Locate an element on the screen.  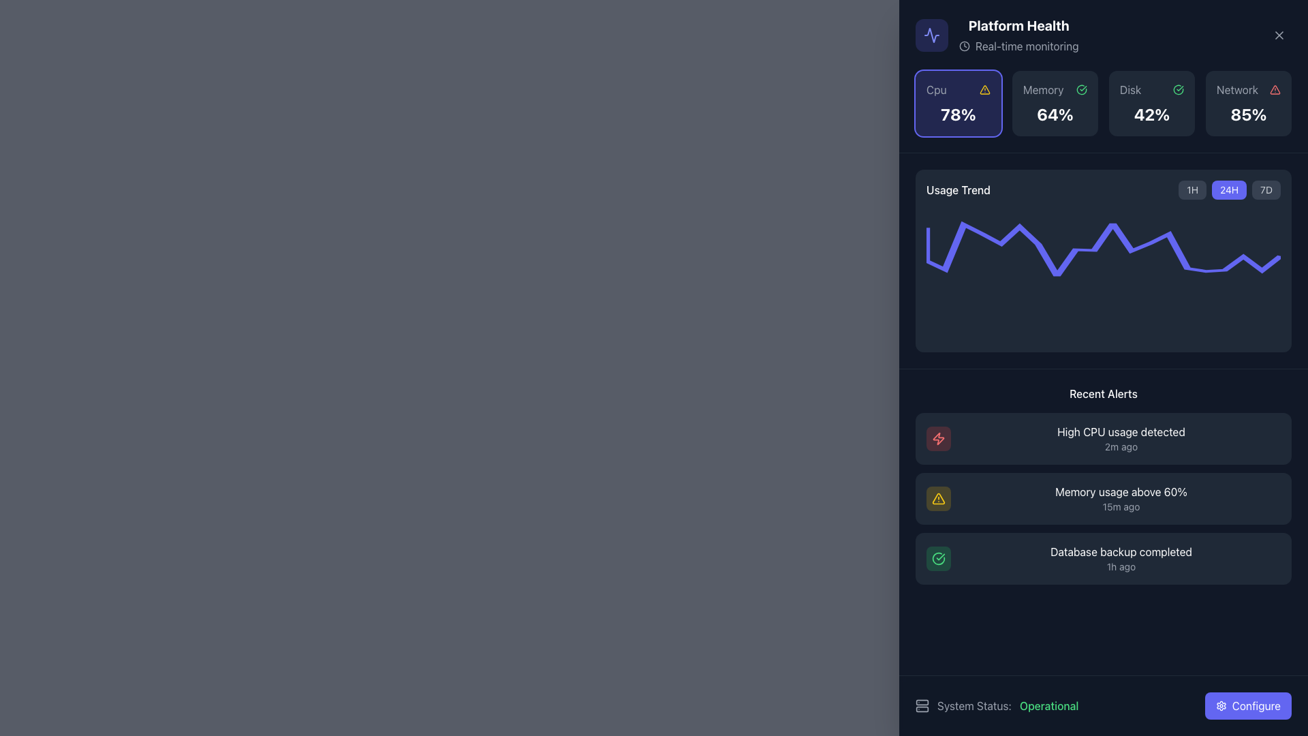
the second notification entry in the 'Recent Alerts' section, which displays a warning about memory usage above 60% is located at coordinates (1104, 499).